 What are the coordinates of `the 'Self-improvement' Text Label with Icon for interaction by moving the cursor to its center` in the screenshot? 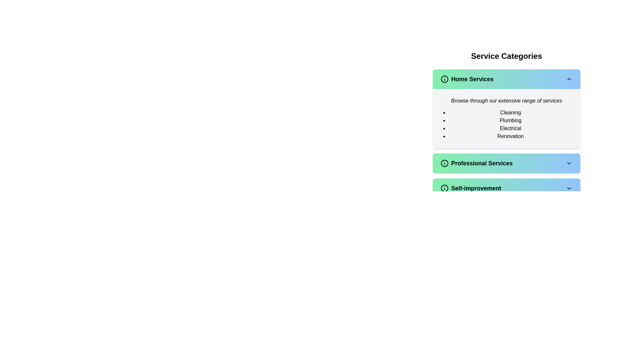 It's located at (471, 188).